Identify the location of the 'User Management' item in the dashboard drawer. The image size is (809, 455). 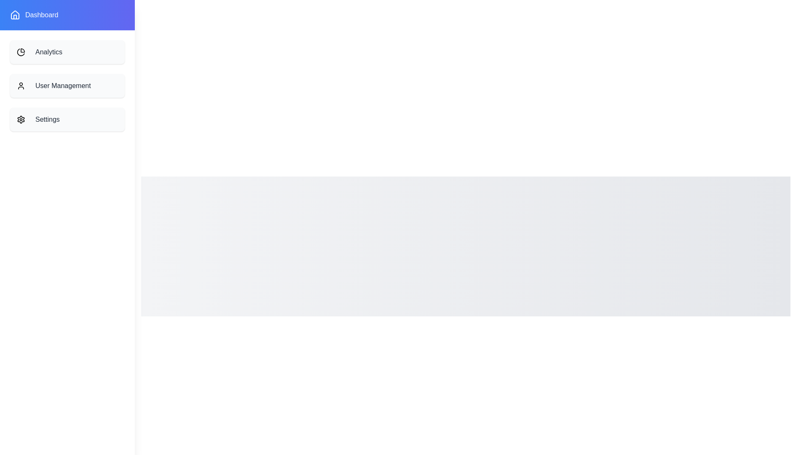
(67, 86).